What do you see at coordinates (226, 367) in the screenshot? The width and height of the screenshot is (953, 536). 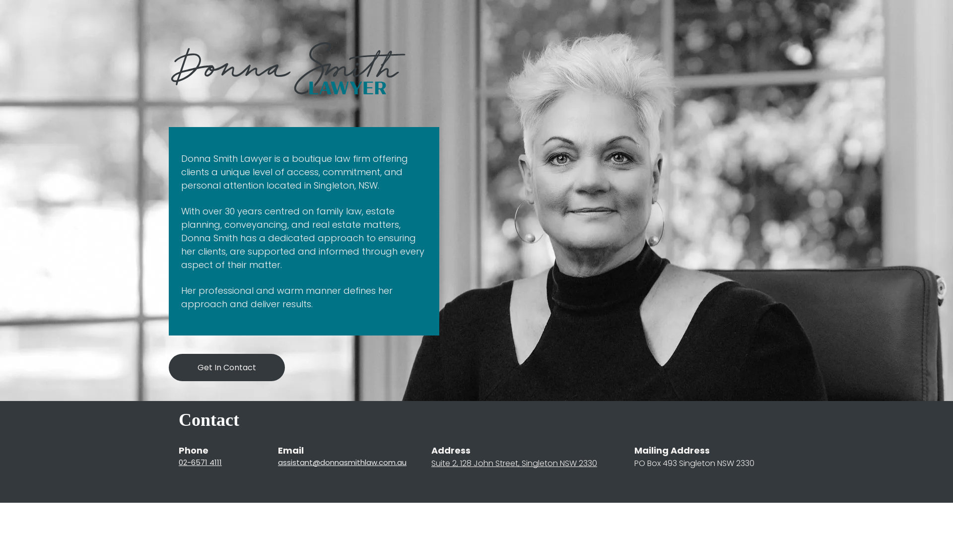 I see `'Get In Contact'` at bounding box center [226, 367].